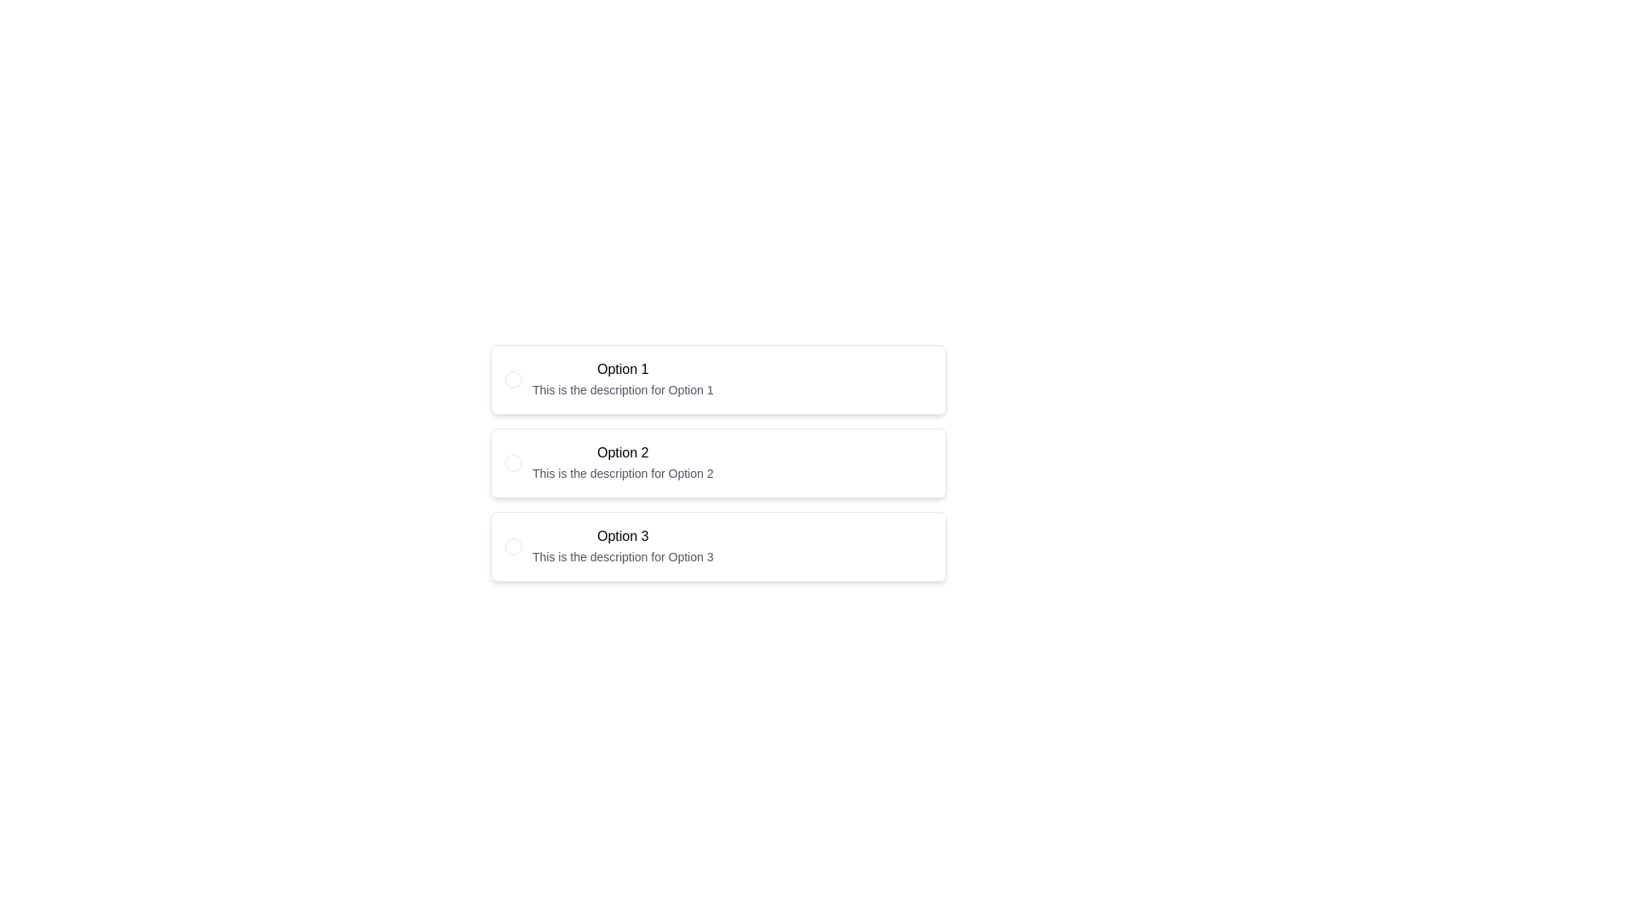  Describe the element at coordinates (622, 452) in the screenshot. I see `label that serves as the title for the second option in the vertical list, located above the descriptive text for 'Option 2'` at that location.